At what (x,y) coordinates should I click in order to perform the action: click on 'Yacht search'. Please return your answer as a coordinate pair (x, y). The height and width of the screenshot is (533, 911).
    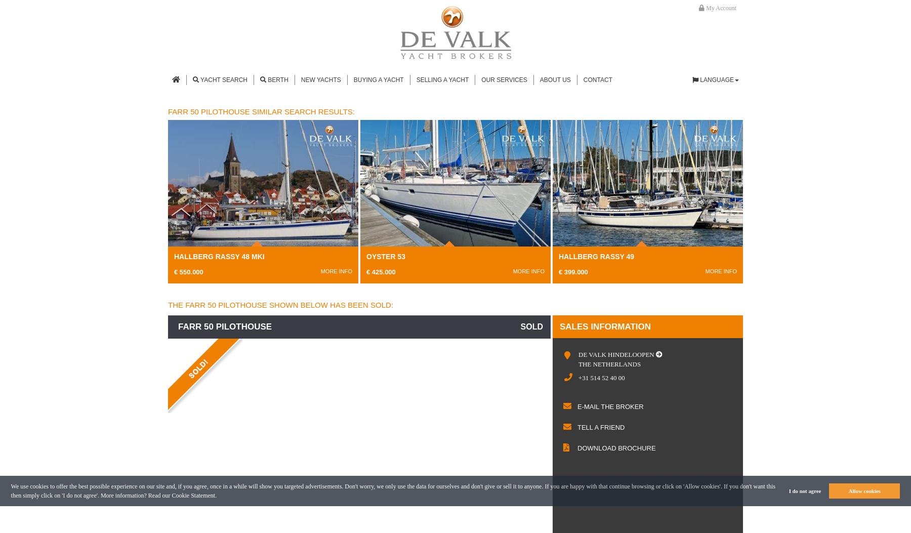
    Looking at the image, I should click on (223, 79).